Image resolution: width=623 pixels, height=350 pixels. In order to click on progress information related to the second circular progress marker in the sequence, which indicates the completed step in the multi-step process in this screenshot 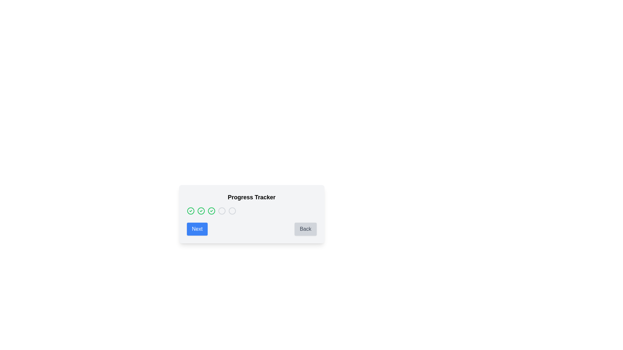, I will do `click(211, 211)`.